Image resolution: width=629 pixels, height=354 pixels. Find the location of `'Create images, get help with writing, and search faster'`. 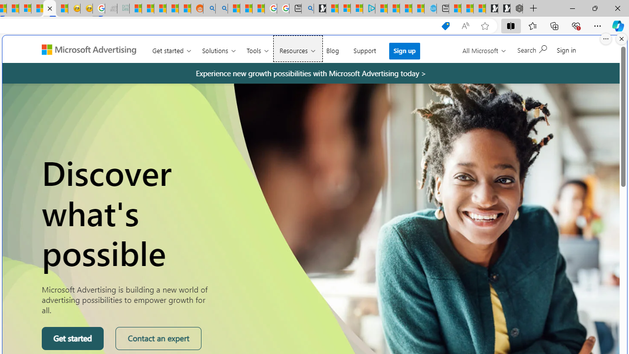

'Create images, get help with writing, and search faster' is located at coordinates (44, 54).